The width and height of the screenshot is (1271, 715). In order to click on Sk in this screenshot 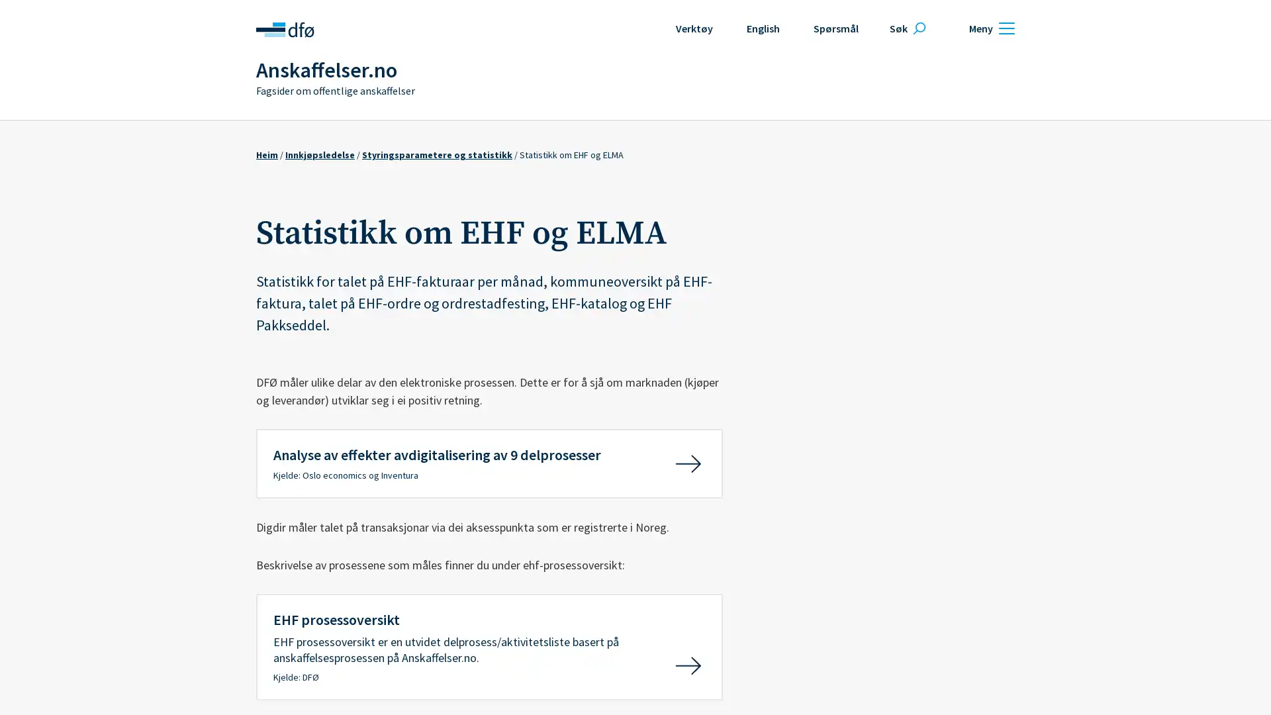, I will do `click(905, 28)`.